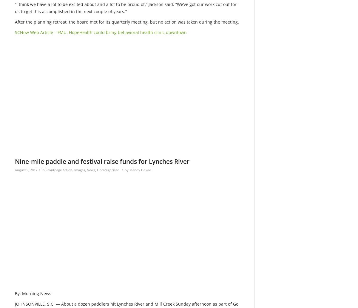 The height and width of the screenshot is (308, 358). I want to click on 'SCNow Web Article – FMU, HopeHealth could bring behavioral health clinic downtown', so click(15, 32).